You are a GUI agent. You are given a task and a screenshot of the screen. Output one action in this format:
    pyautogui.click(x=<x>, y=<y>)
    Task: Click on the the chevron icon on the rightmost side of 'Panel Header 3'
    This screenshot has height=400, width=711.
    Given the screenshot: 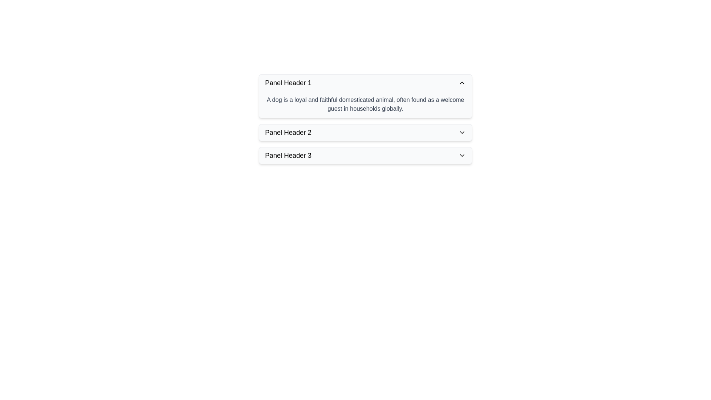 What is the action you would take?
    pyautogui.click(x=462, y=155)
    